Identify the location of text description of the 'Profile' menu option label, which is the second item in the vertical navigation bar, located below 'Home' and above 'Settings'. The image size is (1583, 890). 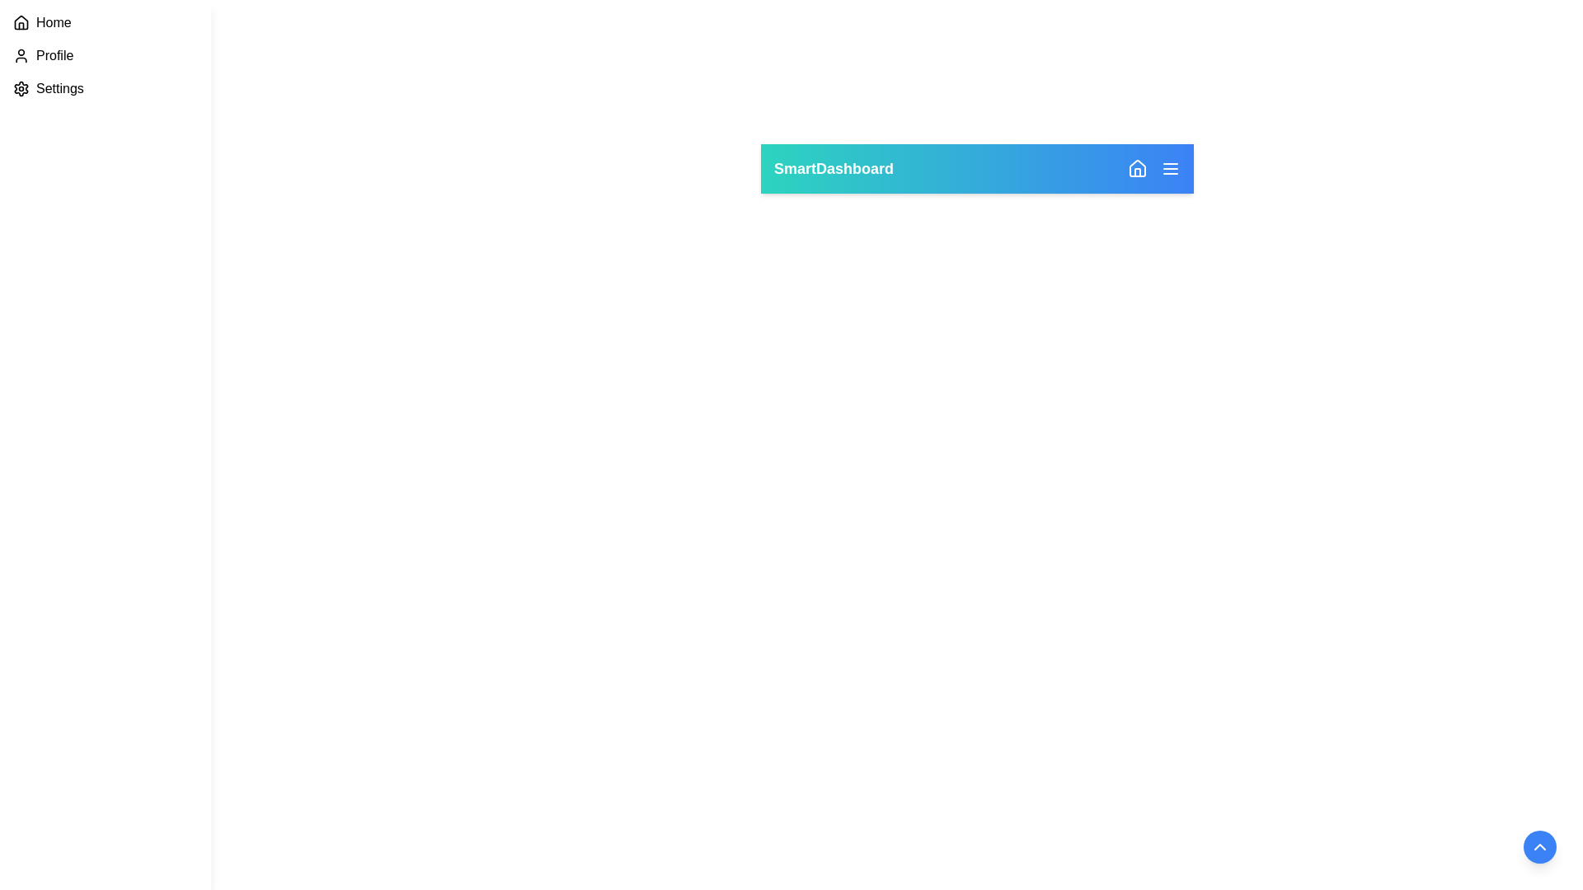
(54, 55).